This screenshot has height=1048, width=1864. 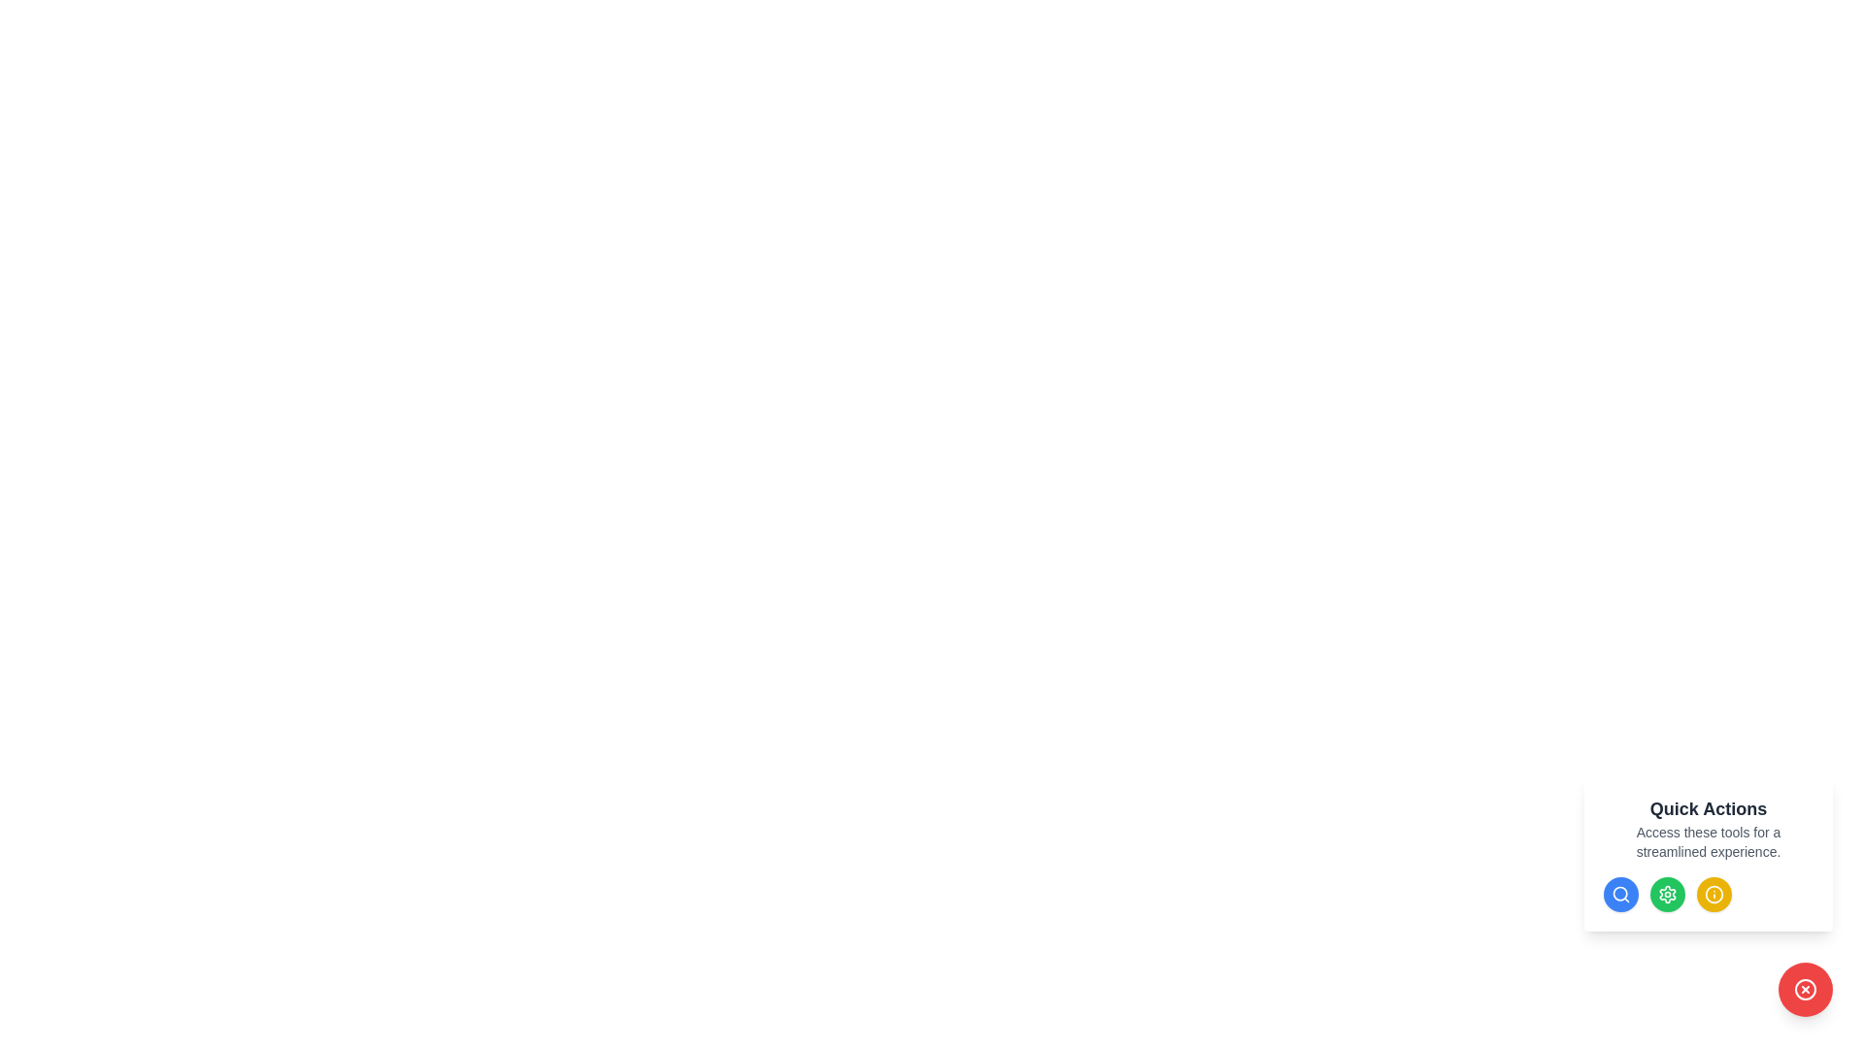 I want to click on the 'Quick Actions' text, which is a large, bold, dark gray header at the top of the card layout, so click(x=1709, y=808).